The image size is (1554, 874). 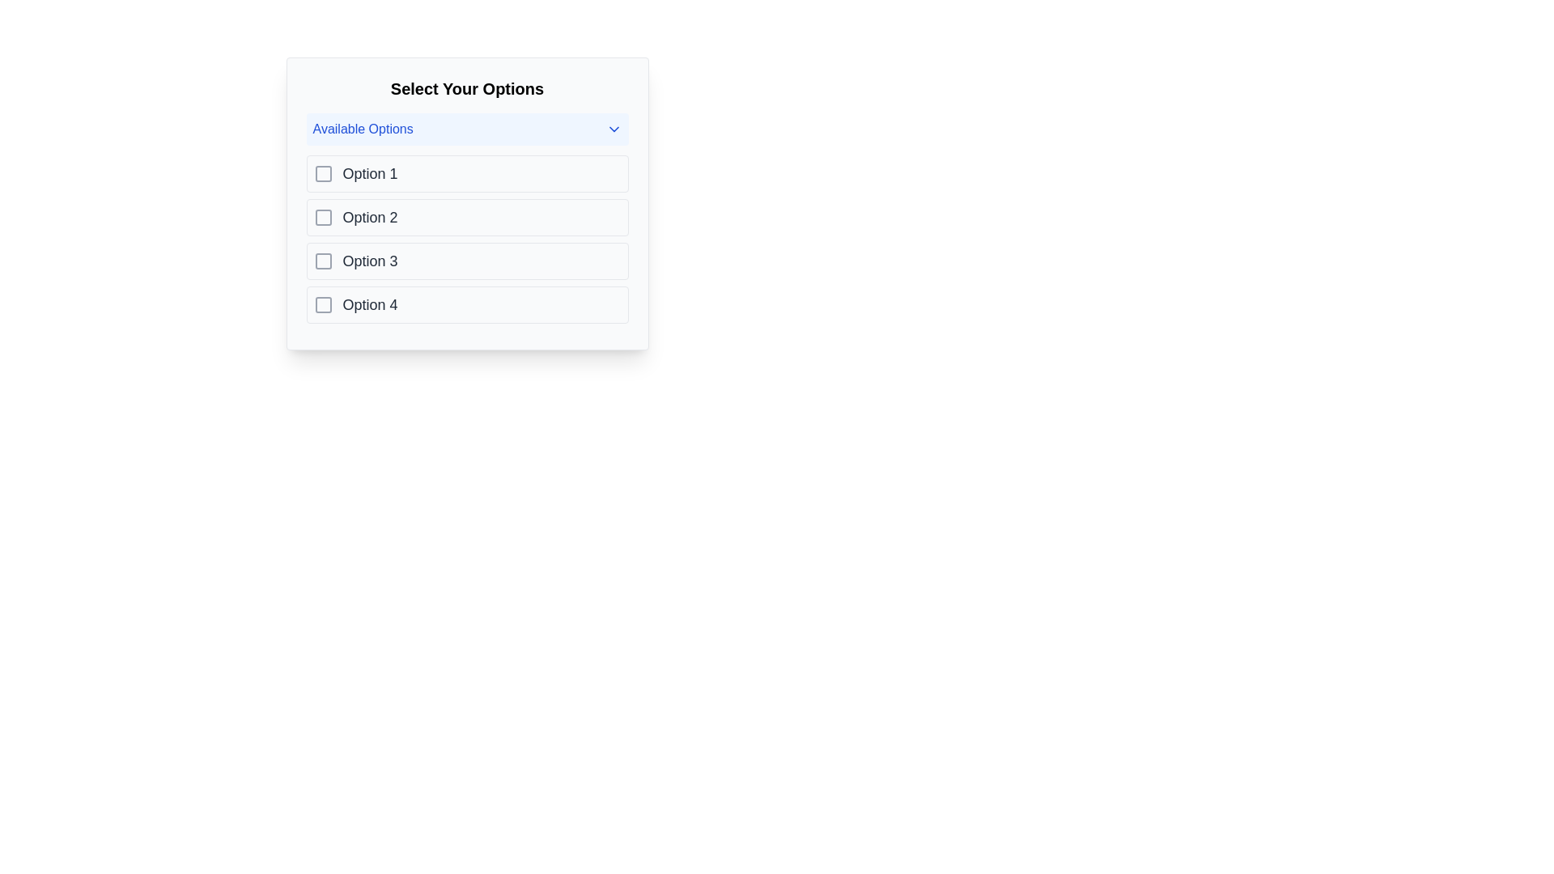 What do you see at coordinates (369, 261) in the screenshot?
I see `the text label that serves as a descriptive title for the associated checkbox located in the third row of options, positioned to the right of the checkbox icon` at bounding box center [369, 261].